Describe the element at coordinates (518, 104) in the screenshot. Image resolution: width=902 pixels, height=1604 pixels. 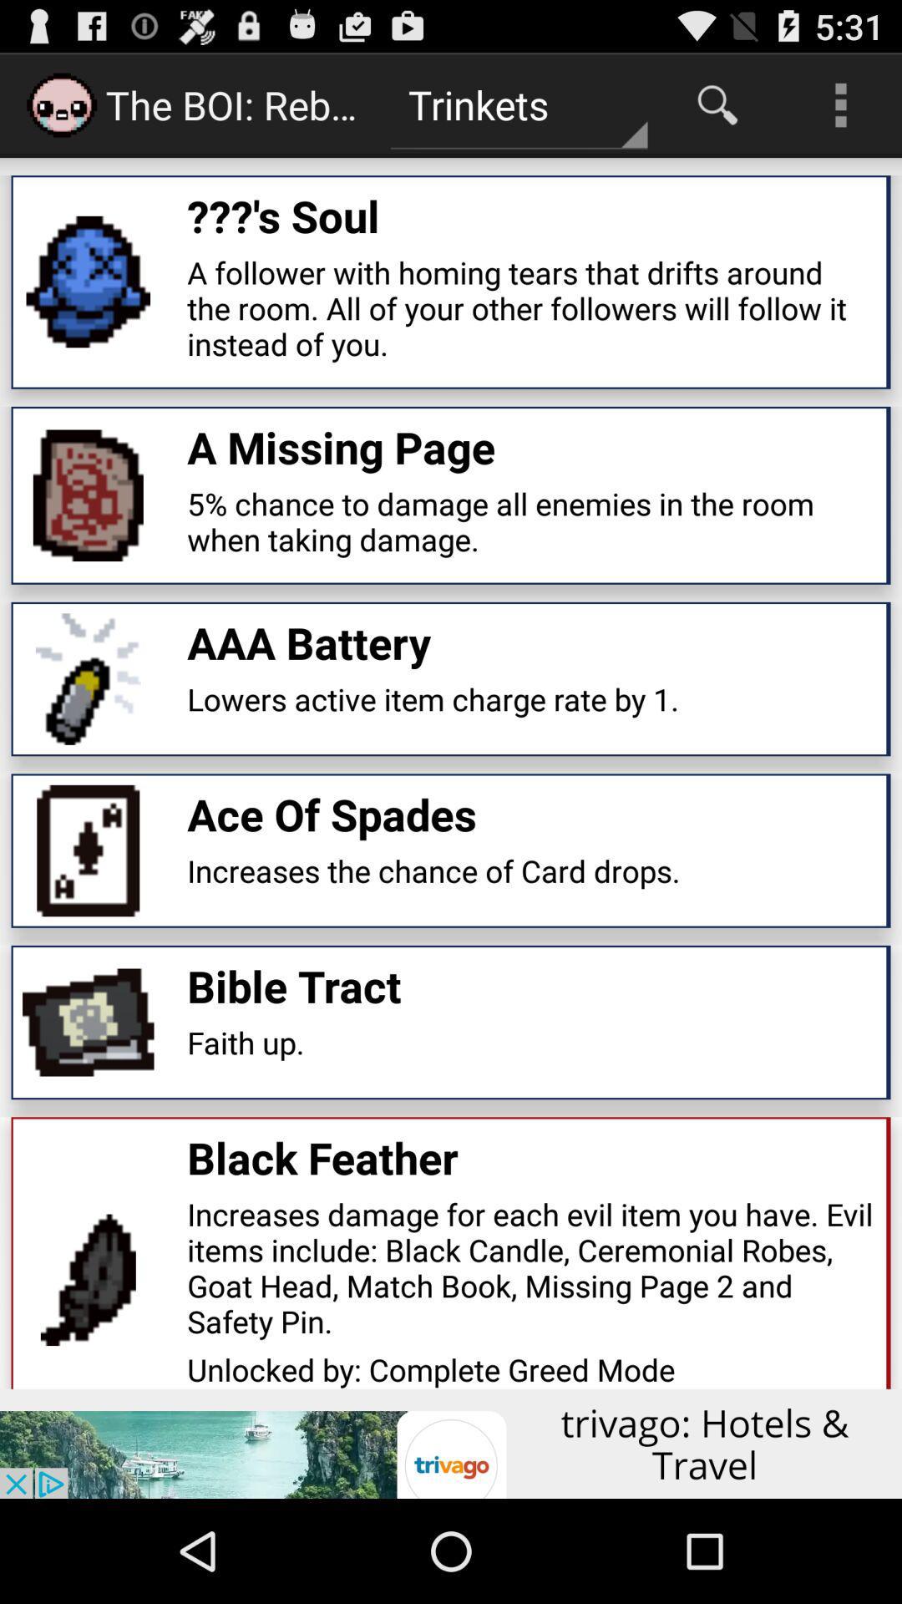
I see `trinkets` at that location.